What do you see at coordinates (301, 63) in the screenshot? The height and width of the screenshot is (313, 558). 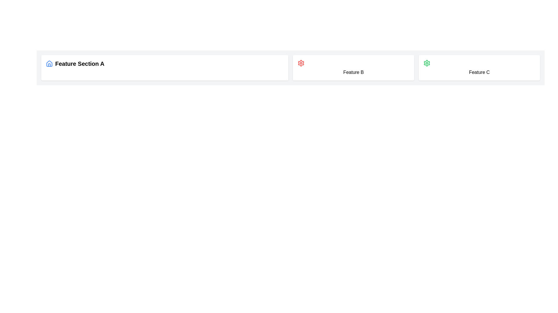 I see `the red gear icon located` at bounding box center [301, 63].